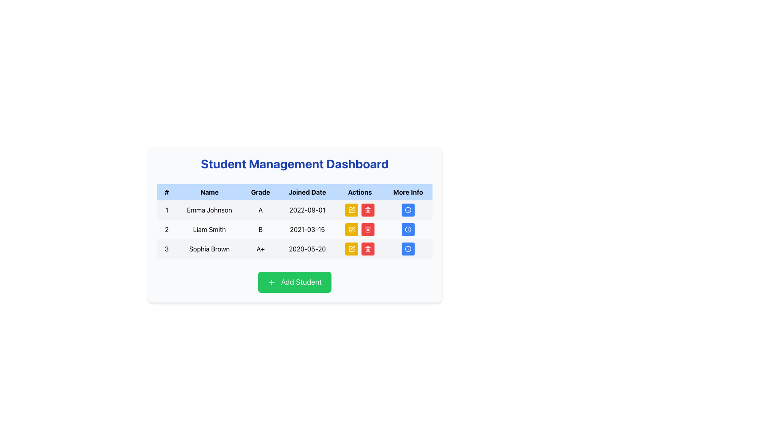 This screenshot has height=438, width=779. What do you see at coordinates (209, 230) in the screenshot?
I see `text 'Liam Smith' located in the 'Name' column of the second row in the data table` at bounding box center [209, 230].